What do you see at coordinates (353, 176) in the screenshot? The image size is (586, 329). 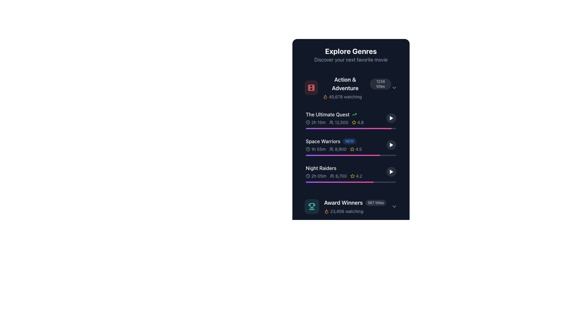 I see `the yellow star icon indicating a rating next to the value '4.2' for the 'Night Raiders' entry` at bounding box center [353, 176].